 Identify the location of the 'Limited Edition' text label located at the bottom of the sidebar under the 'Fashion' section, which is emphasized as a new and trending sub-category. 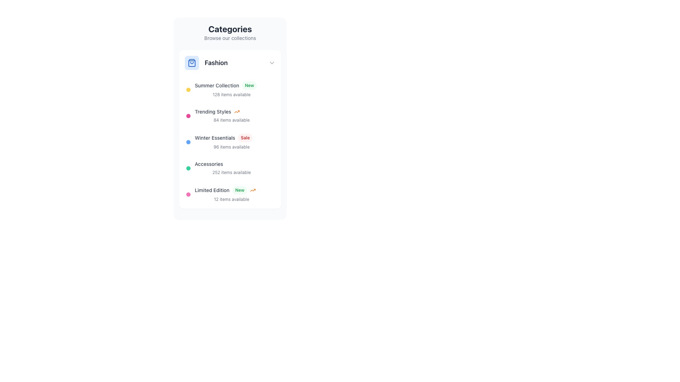
(231, 190).